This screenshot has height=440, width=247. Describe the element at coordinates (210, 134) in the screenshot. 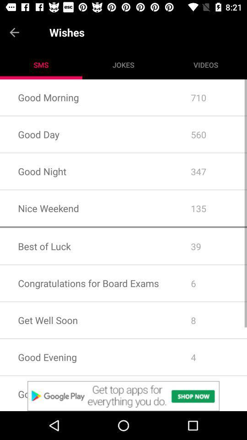

I see `app to the right of good morning icon` at that location.